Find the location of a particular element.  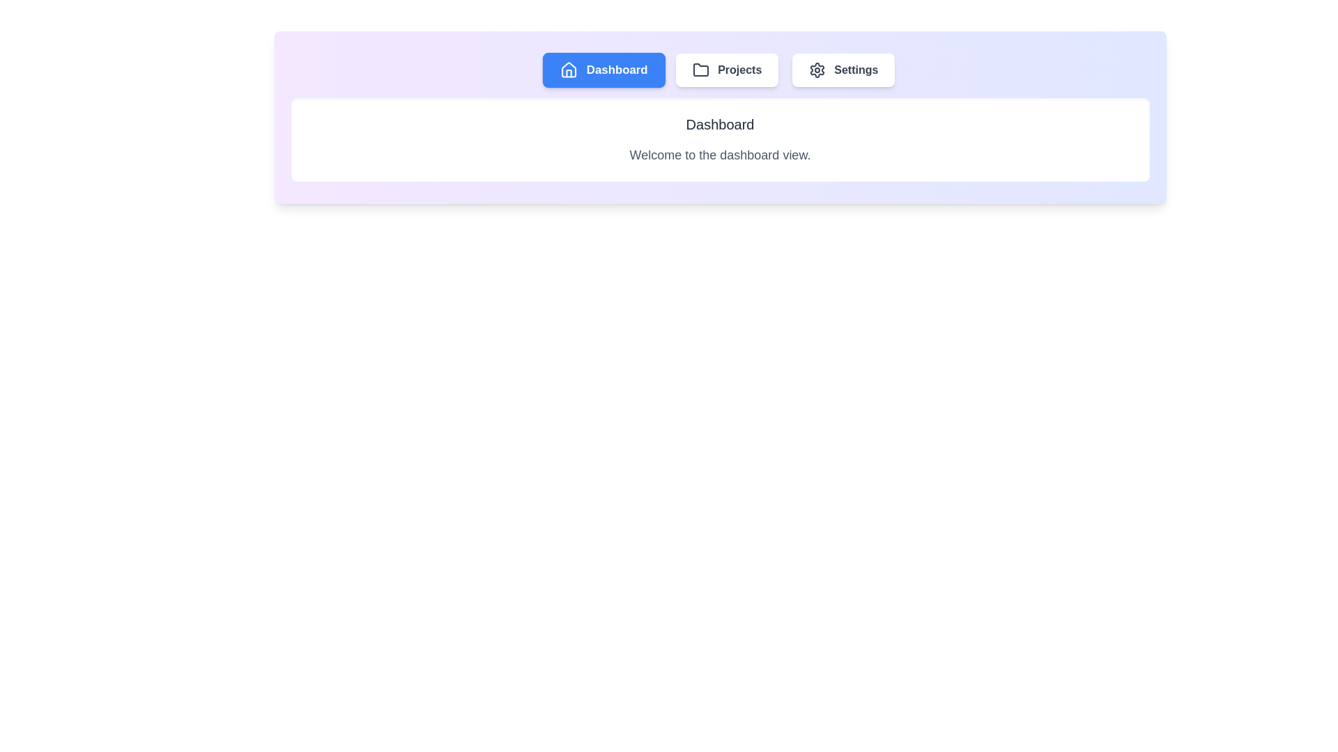

the Dashboard tab to view its content is located at coordinates (603, 70).